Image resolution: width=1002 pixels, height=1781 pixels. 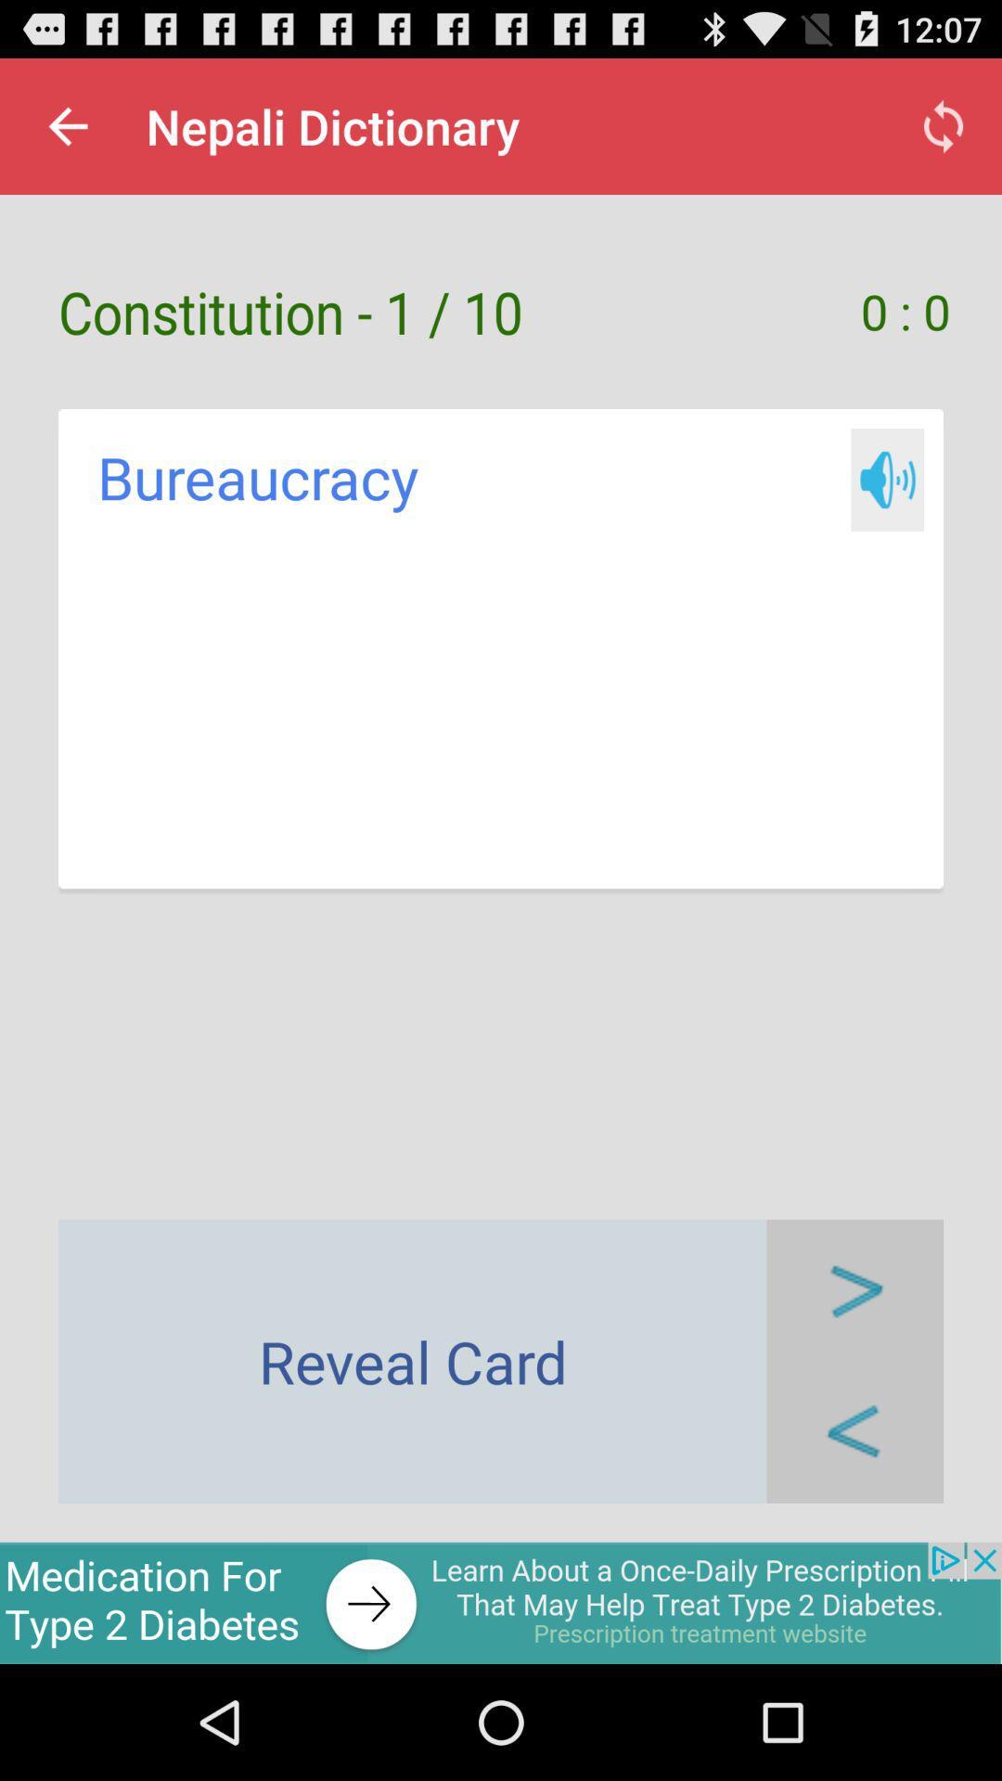 What do you see at coordinates (854, 1289) in the screenshot?
I see `reveal next card` at bounding box center [854, 1289].